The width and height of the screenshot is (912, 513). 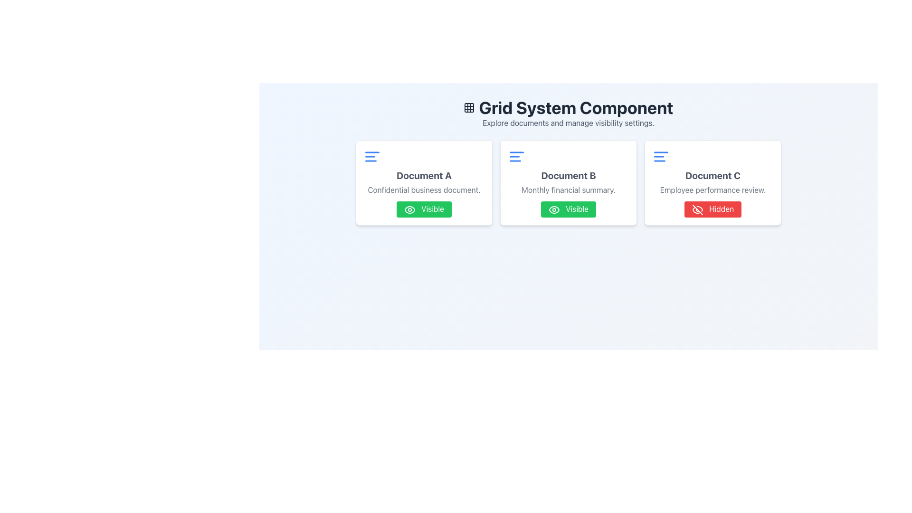 I want to click on the eye icon within the 'Visible' button on the 'Document B' card, so click(x=554, y=209).